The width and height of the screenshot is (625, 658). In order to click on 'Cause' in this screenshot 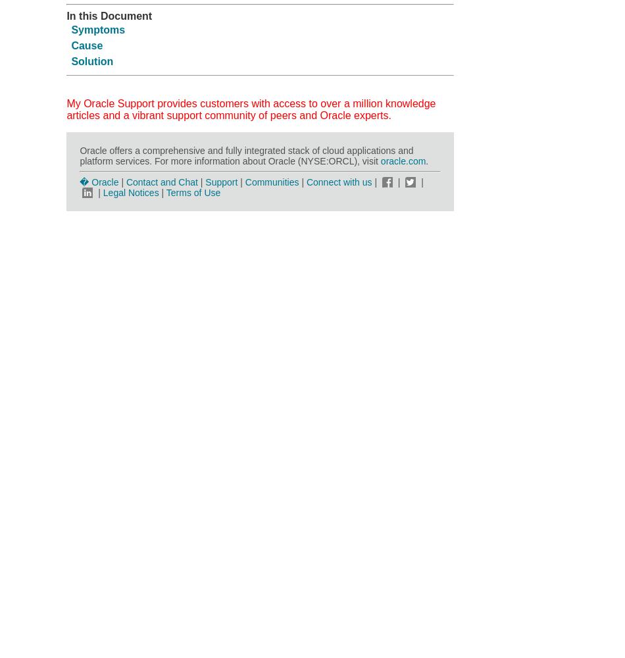, I will do `click(86, 44)`.